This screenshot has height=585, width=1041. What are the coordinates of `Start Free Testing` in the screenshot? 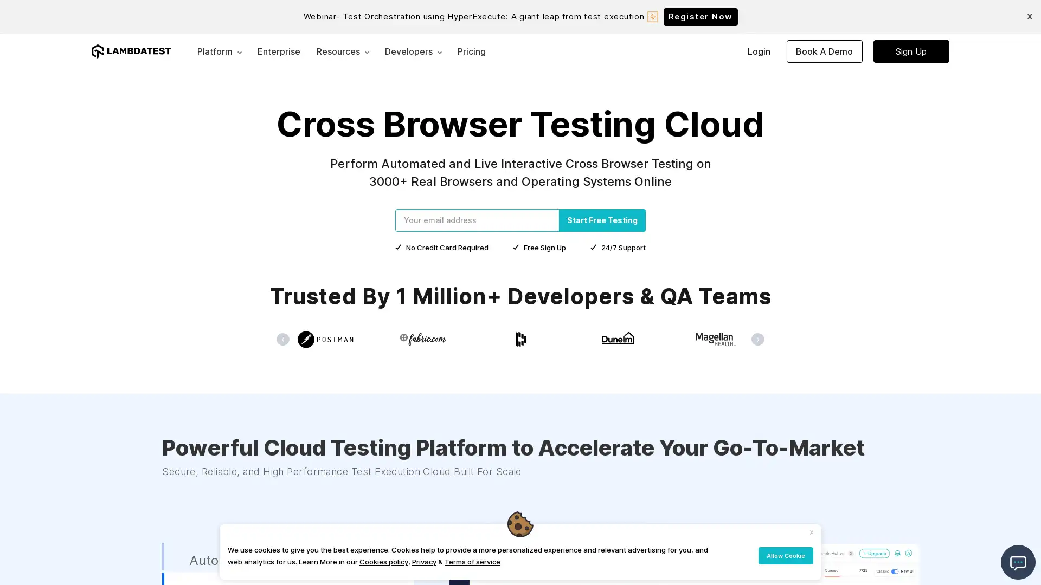 It's located at (601, 219).